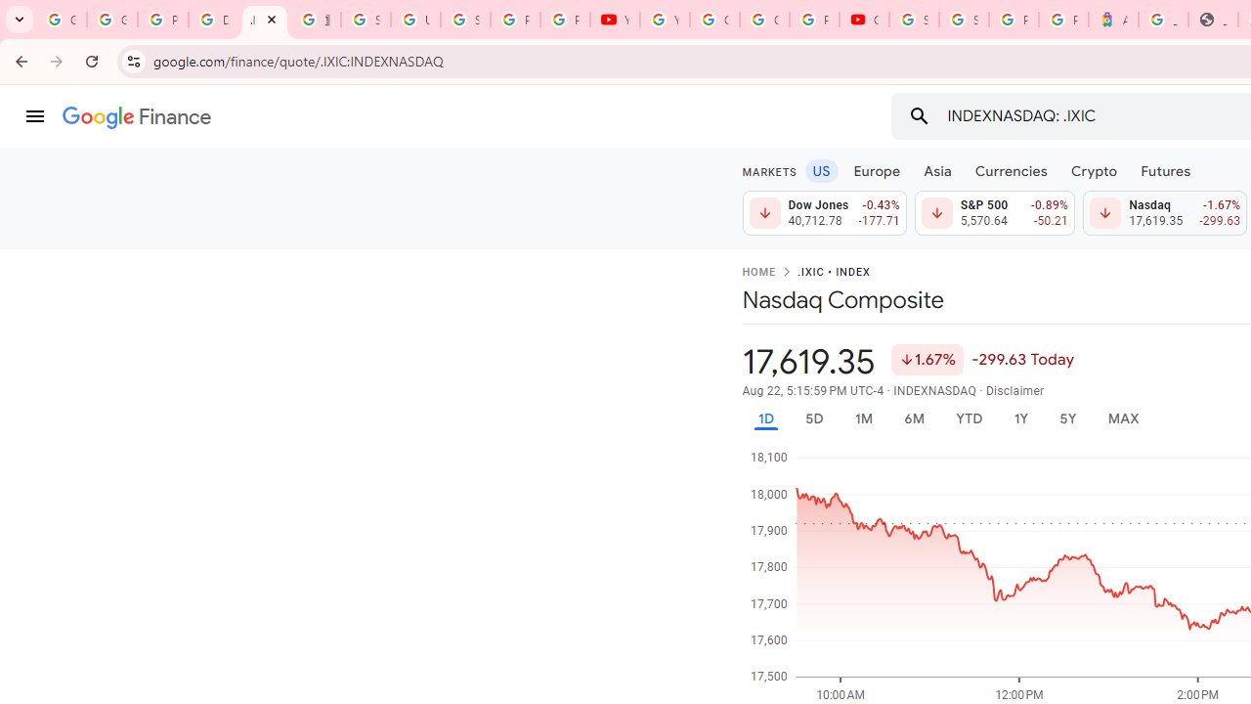  What do you see at coordinates (764, 418) in the screenshot?
I see `'1D'` at bounding box center [764, 418].